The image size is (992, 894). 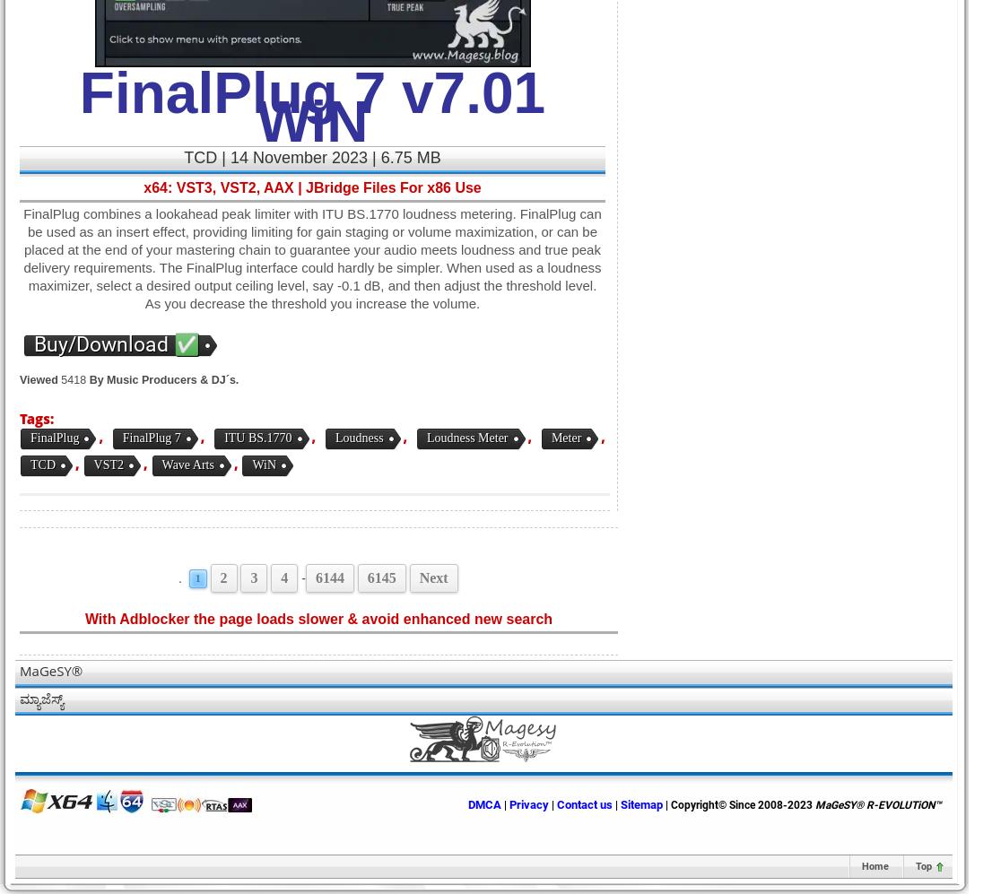 I want to click on 'Meter', so click(x=564, y=438).